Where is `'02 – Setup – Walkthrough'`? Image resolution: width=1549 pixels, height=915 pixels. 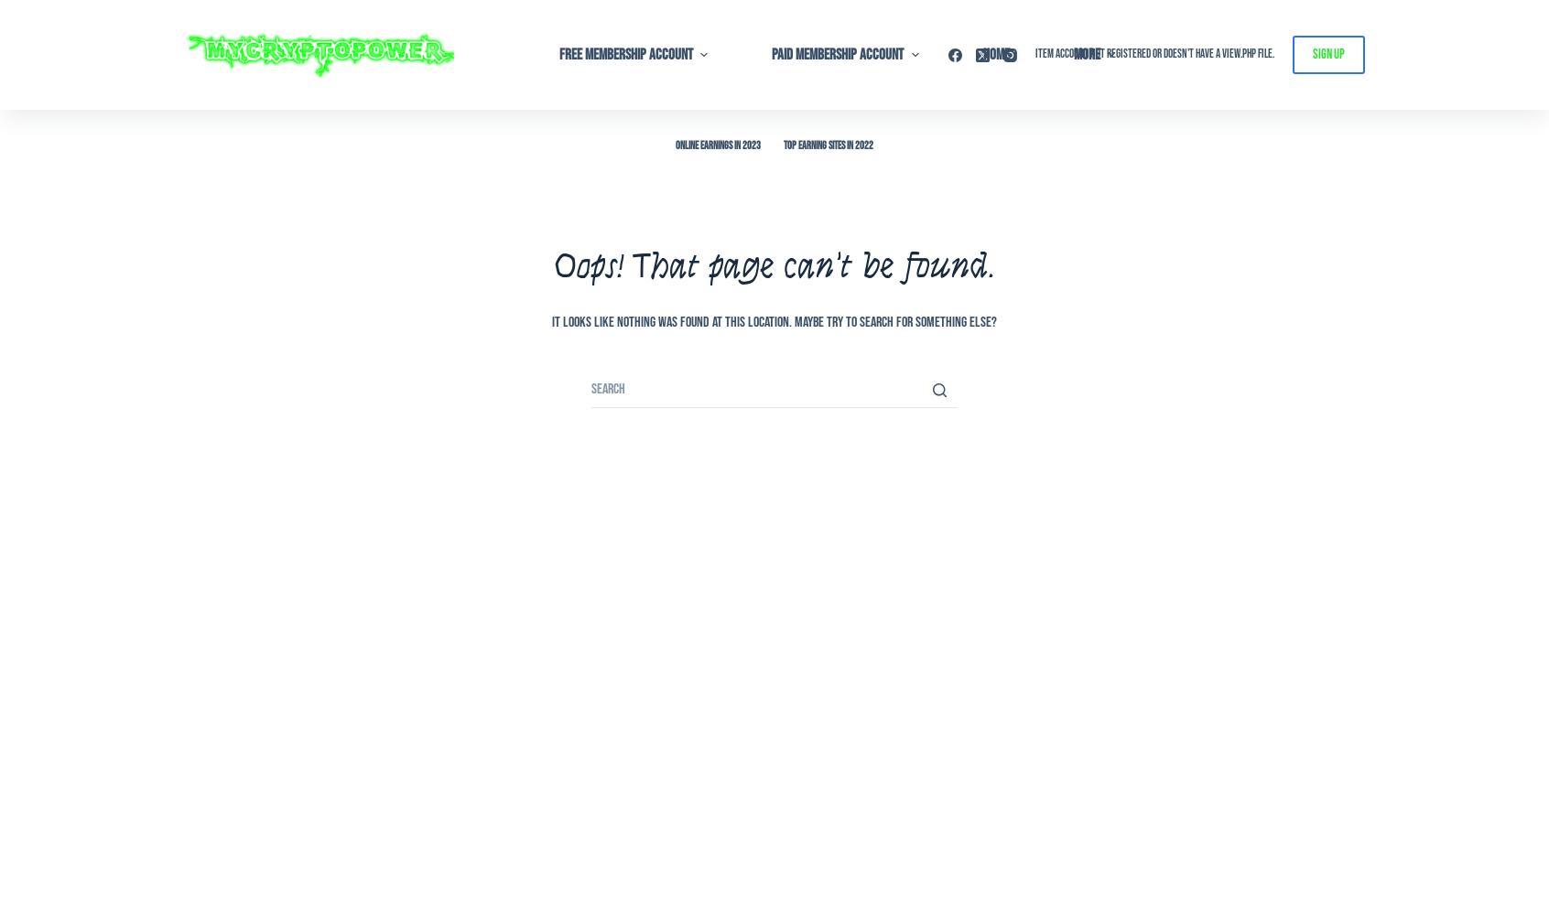
'02 – Setup – Walkthrough' is located at coordinates (591, 176).